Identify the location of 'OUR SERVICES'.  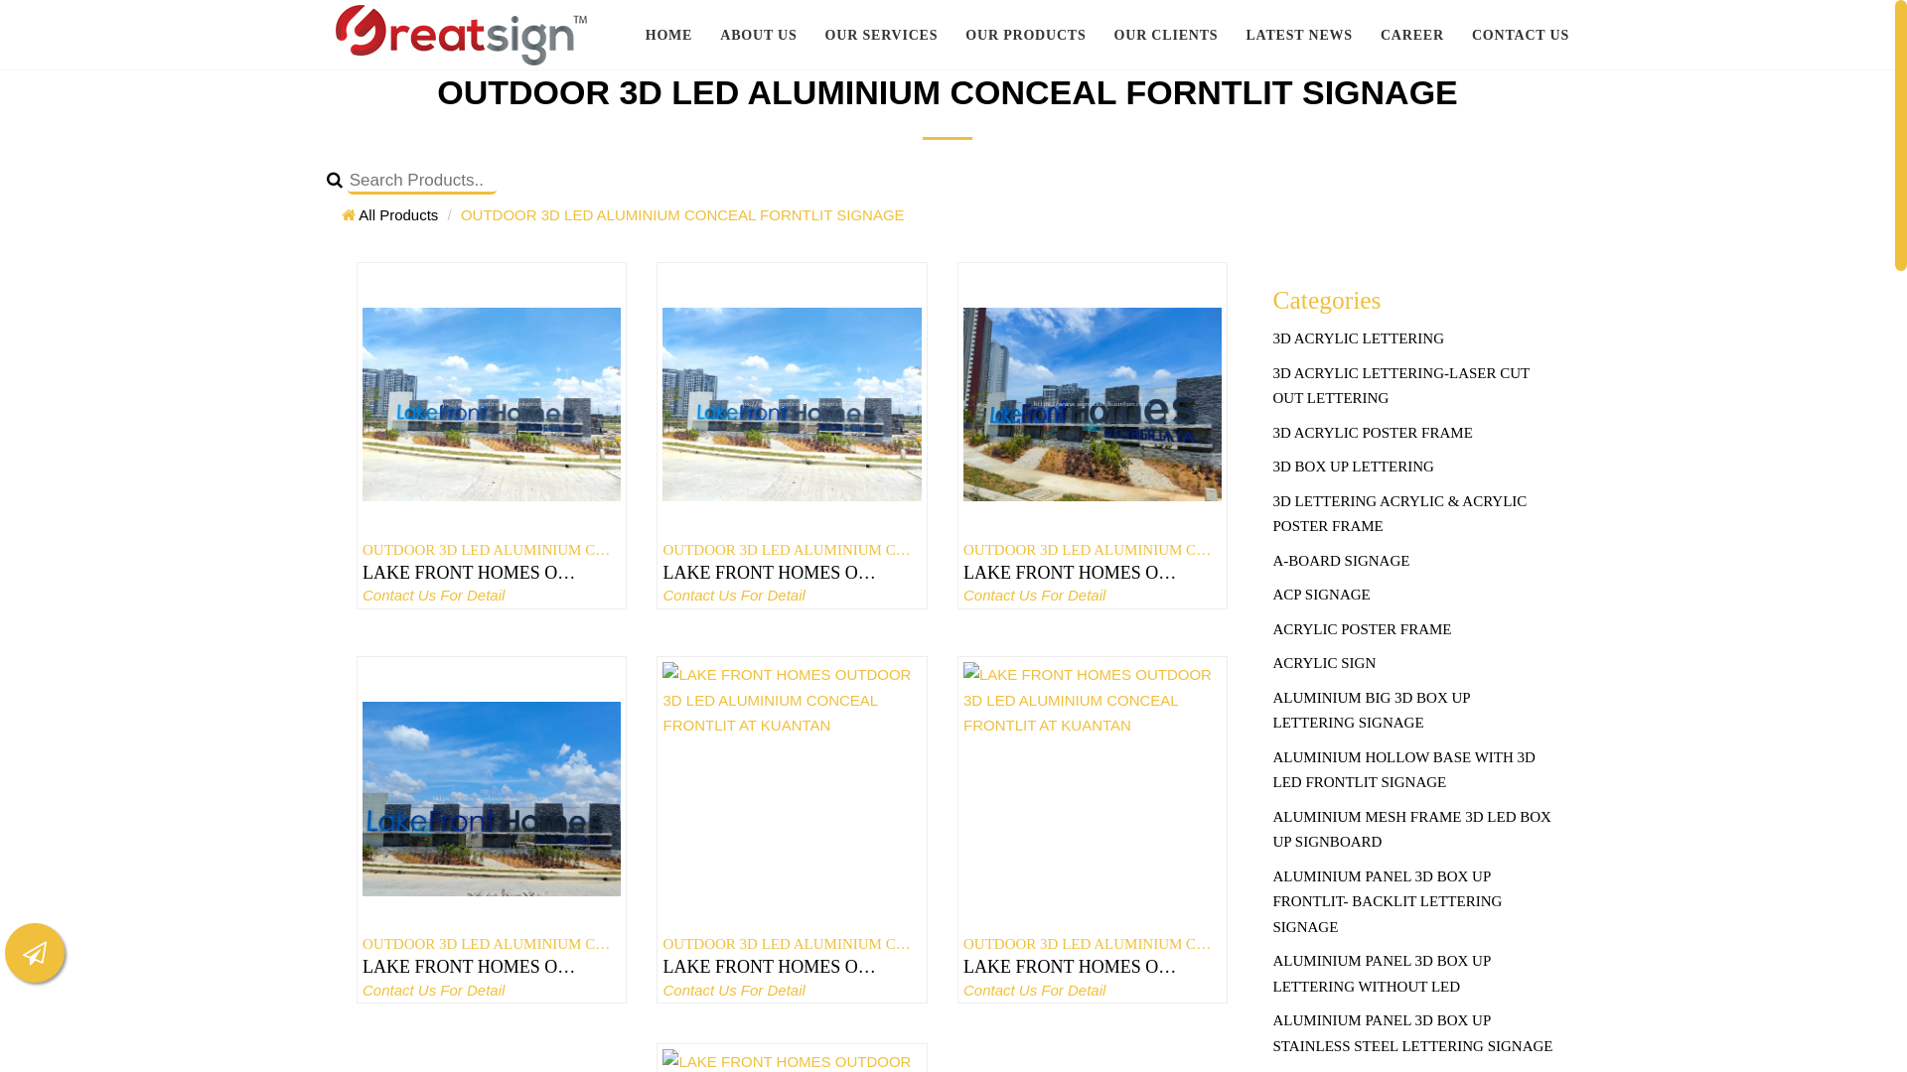
(881, 35).